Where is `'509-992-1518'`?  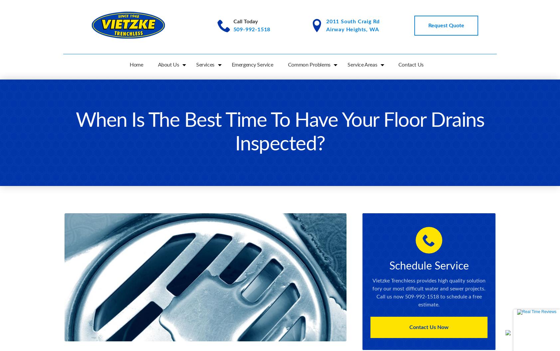 '509-992-1518' is located at coordinates (251, 29).